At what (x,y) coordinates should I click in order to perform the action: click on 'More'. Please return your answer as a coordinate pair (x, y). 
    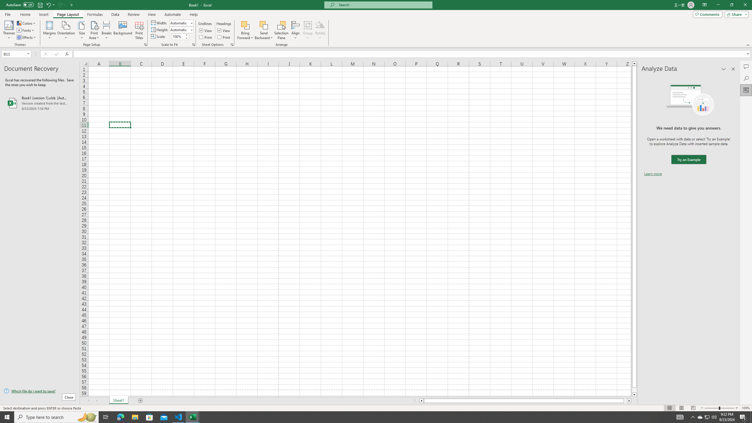
    Looking at the image, I should click on (186, 35).